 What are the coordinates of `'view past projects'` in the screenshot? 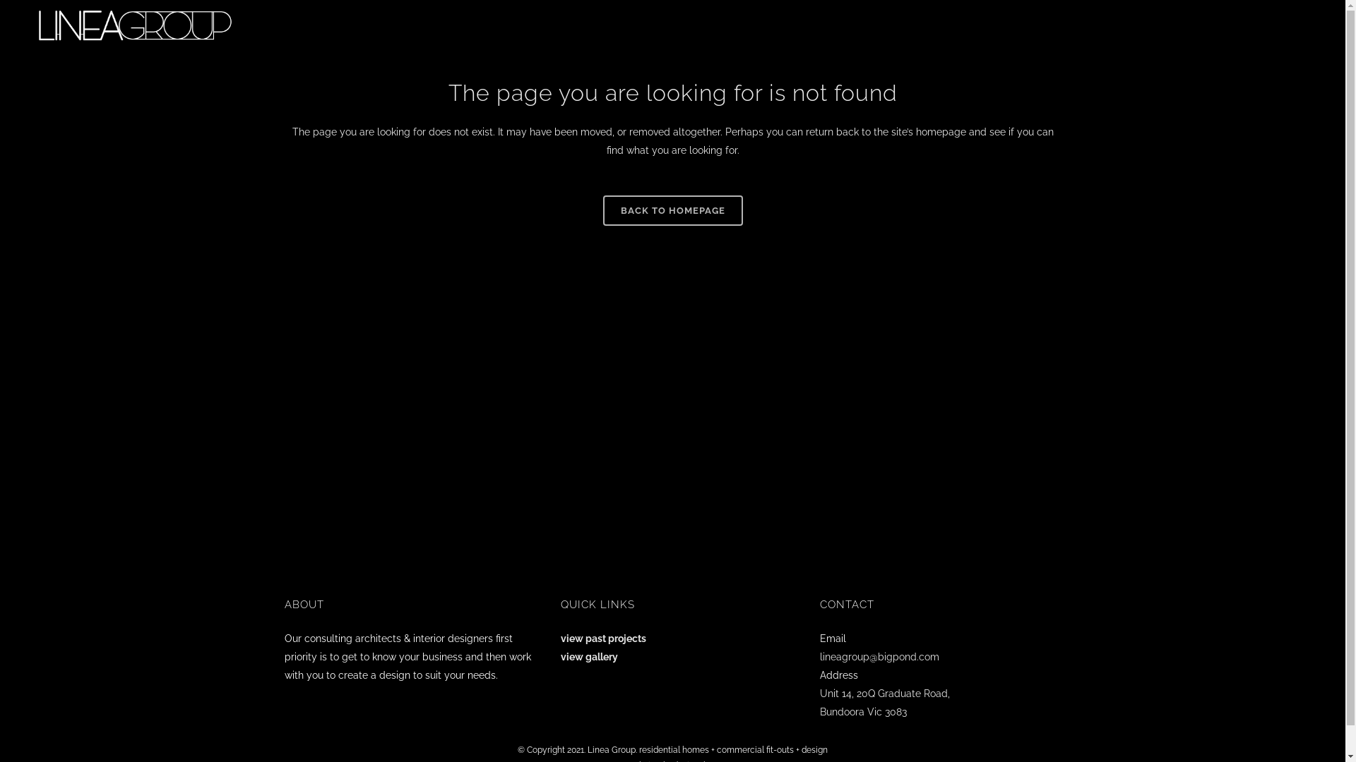 It's located at (603, 639).